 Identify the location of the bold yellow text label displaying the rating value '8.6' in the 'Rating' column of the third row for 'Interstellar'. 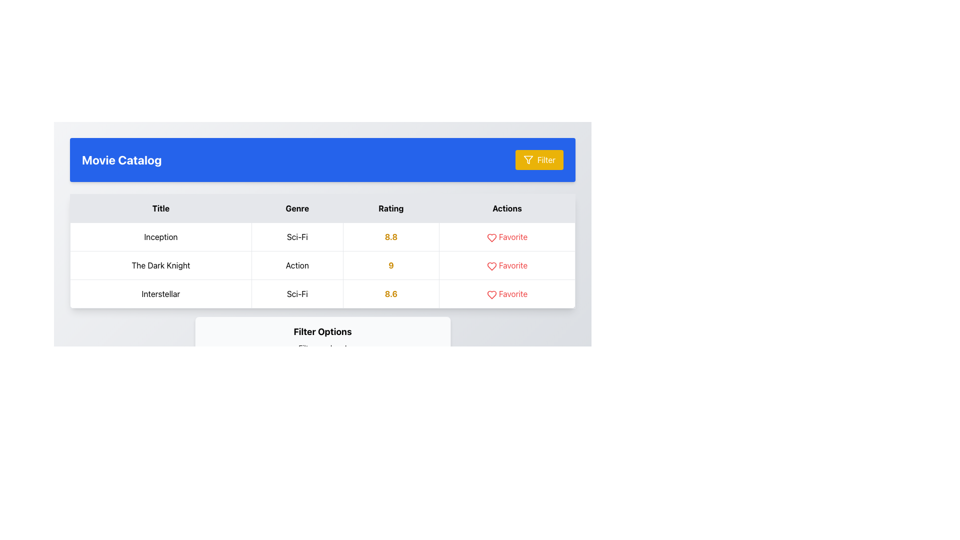
(390, 293).